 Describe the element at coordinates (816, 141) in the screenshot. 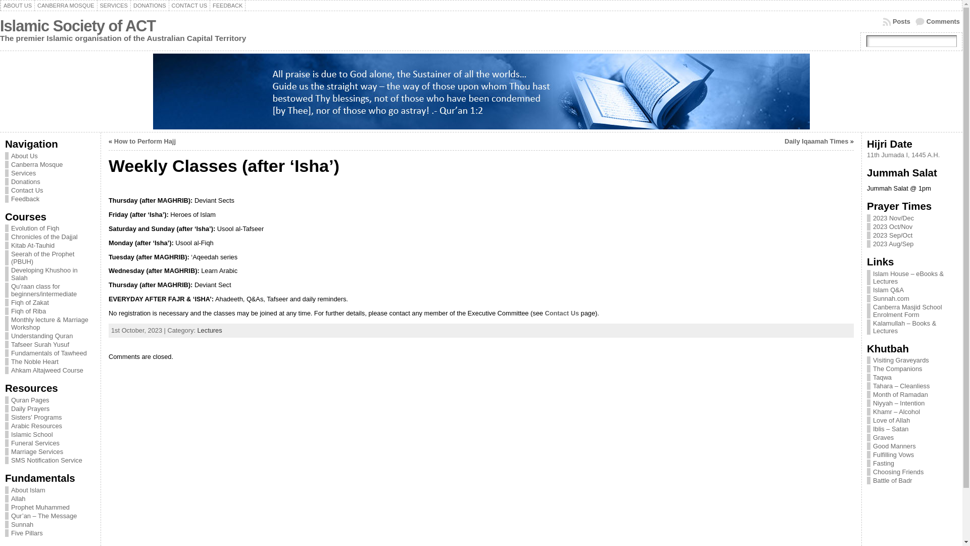

I see `'Daily Iqaamah Times'` at that location.